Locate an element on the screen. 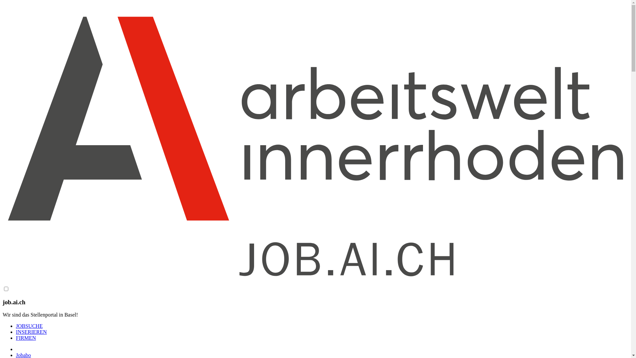 The image size is (636, 358). 'FIRMEN' is located at coordinates (26, 338).